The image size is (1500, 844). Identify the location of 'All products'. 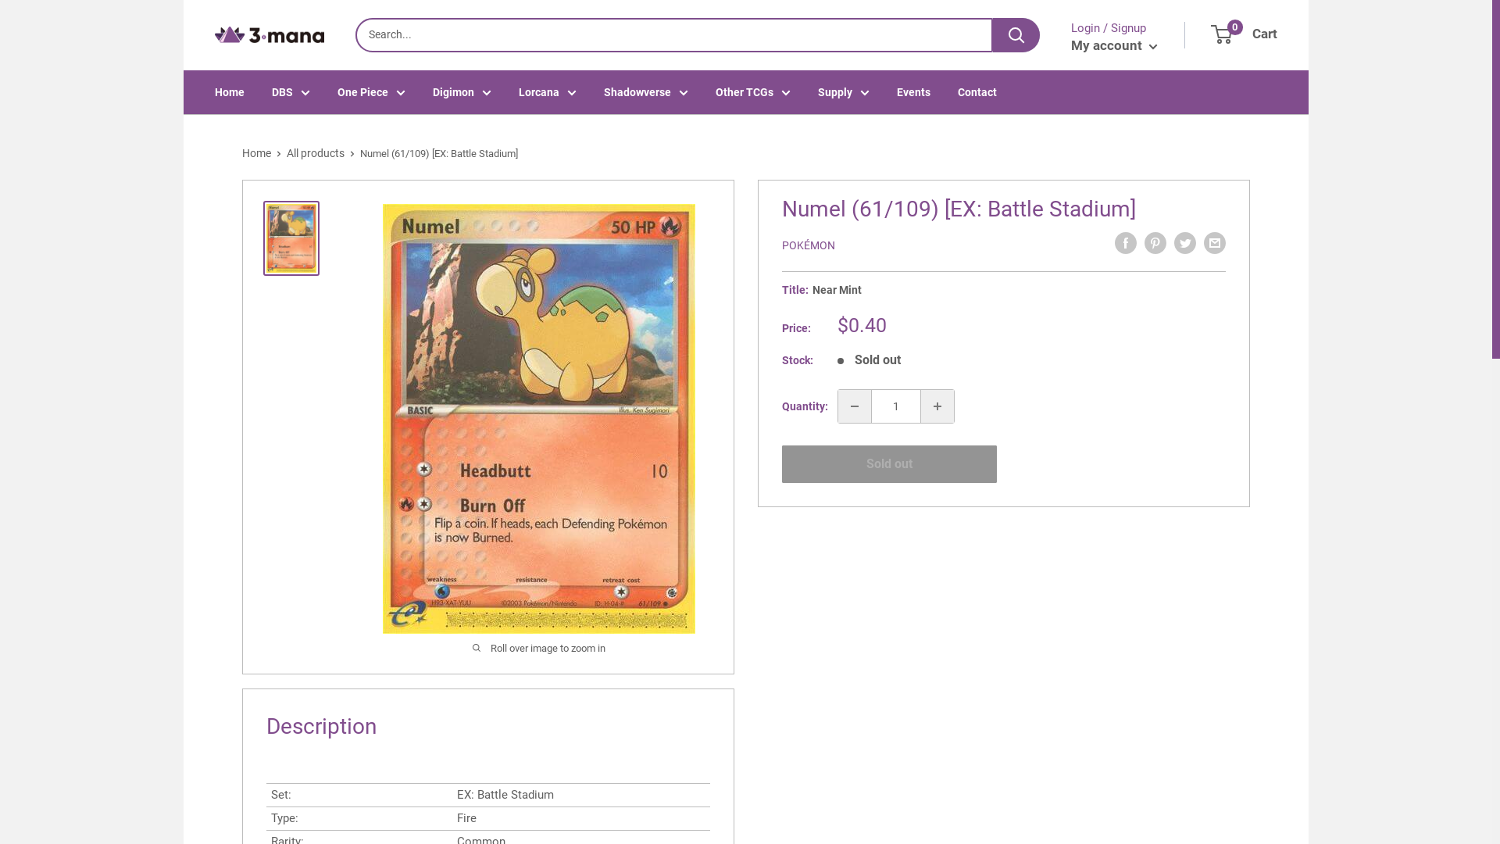
(314, 153).